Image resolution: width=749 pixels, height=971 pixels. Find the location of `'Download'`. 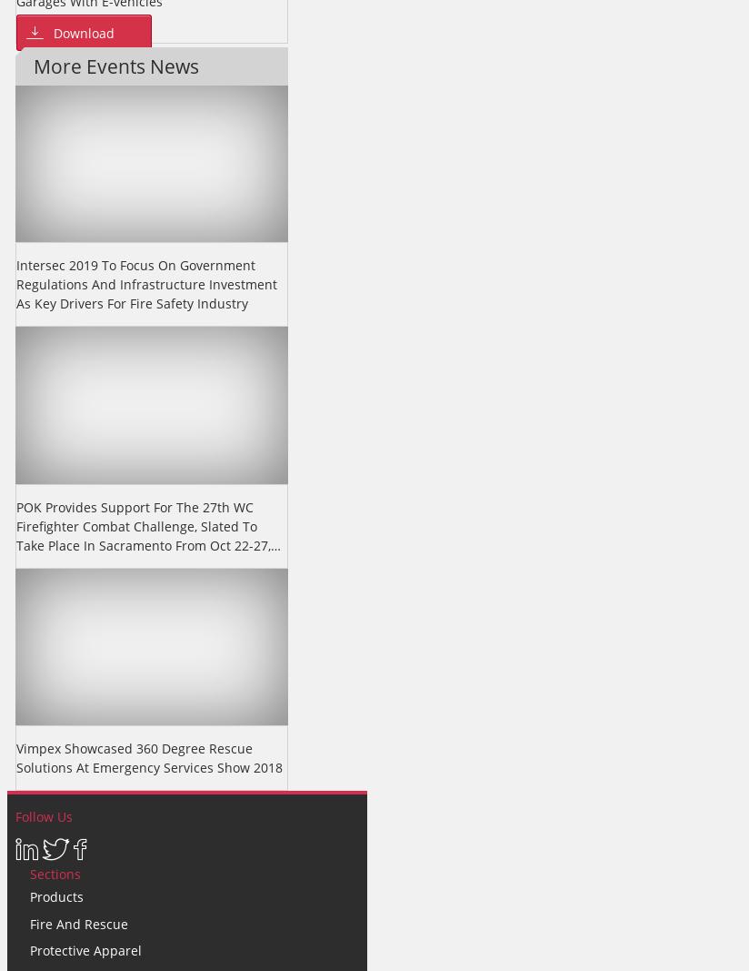

'Download' is located at coordinates (83, 31).